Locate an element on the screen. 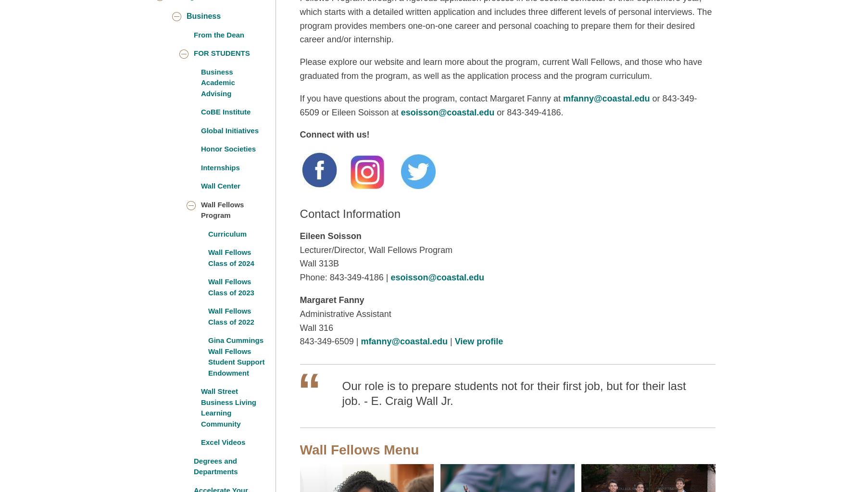 Image resolution: width=854 pixels, height=492 pixels. 'Global Initiatives' is located at coordinates (229, 130).